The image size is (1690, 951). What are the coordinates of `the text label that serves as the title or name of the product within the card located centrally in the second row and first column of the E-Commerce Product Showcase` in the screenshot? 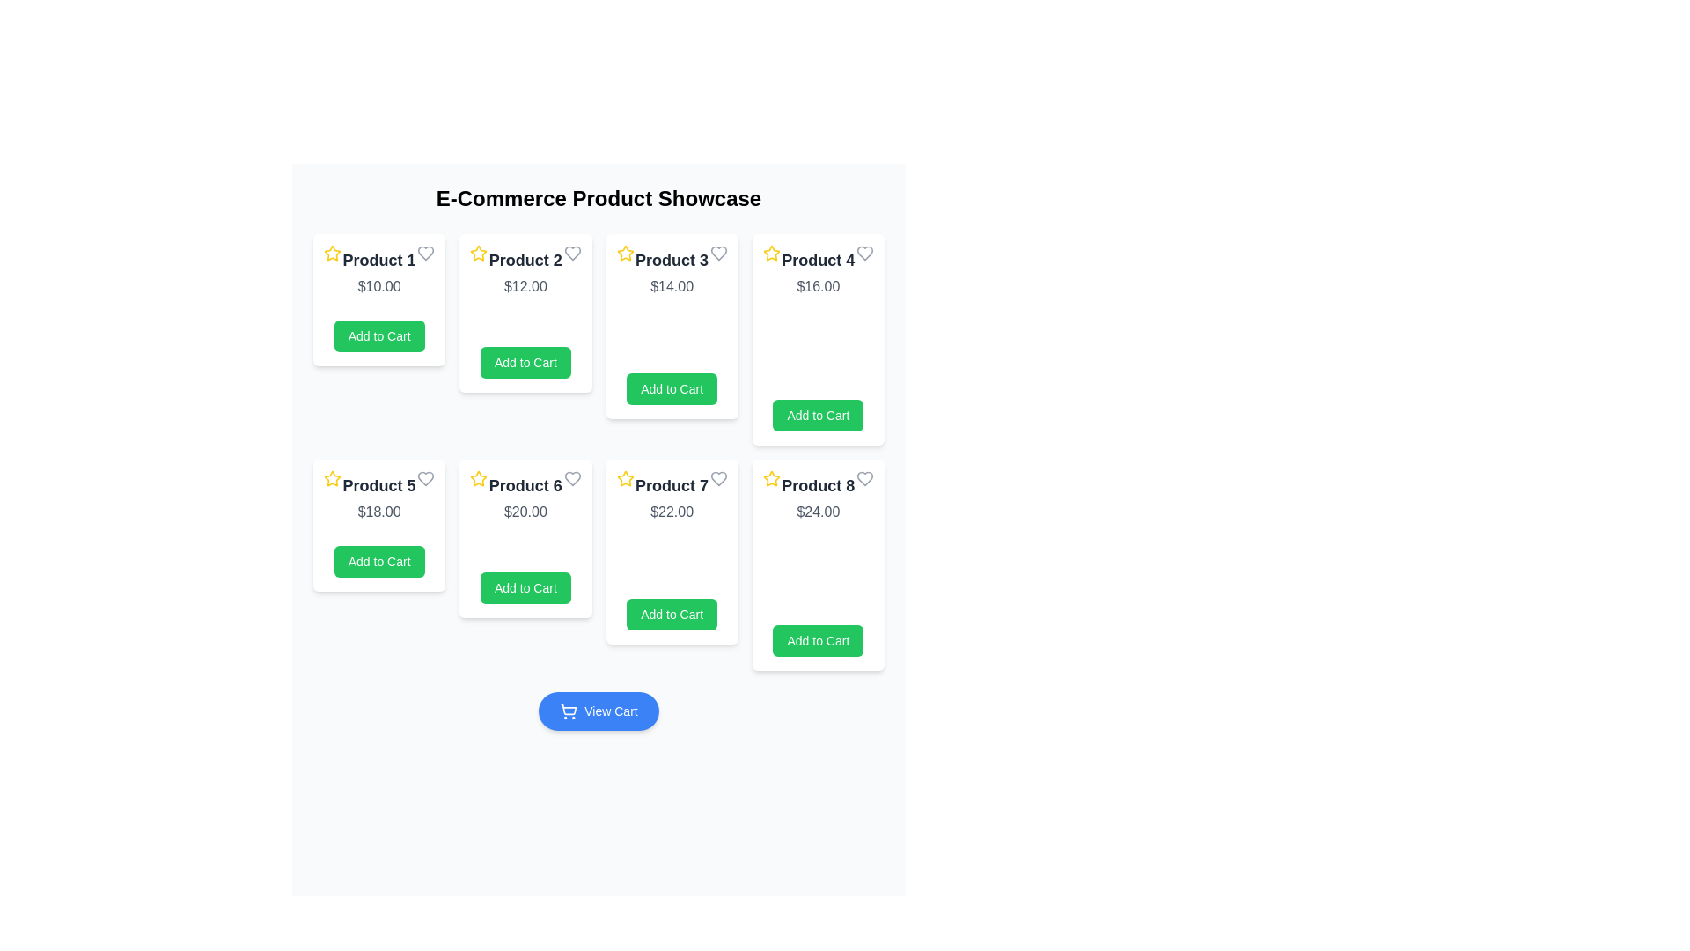 It's located at (378, 485).